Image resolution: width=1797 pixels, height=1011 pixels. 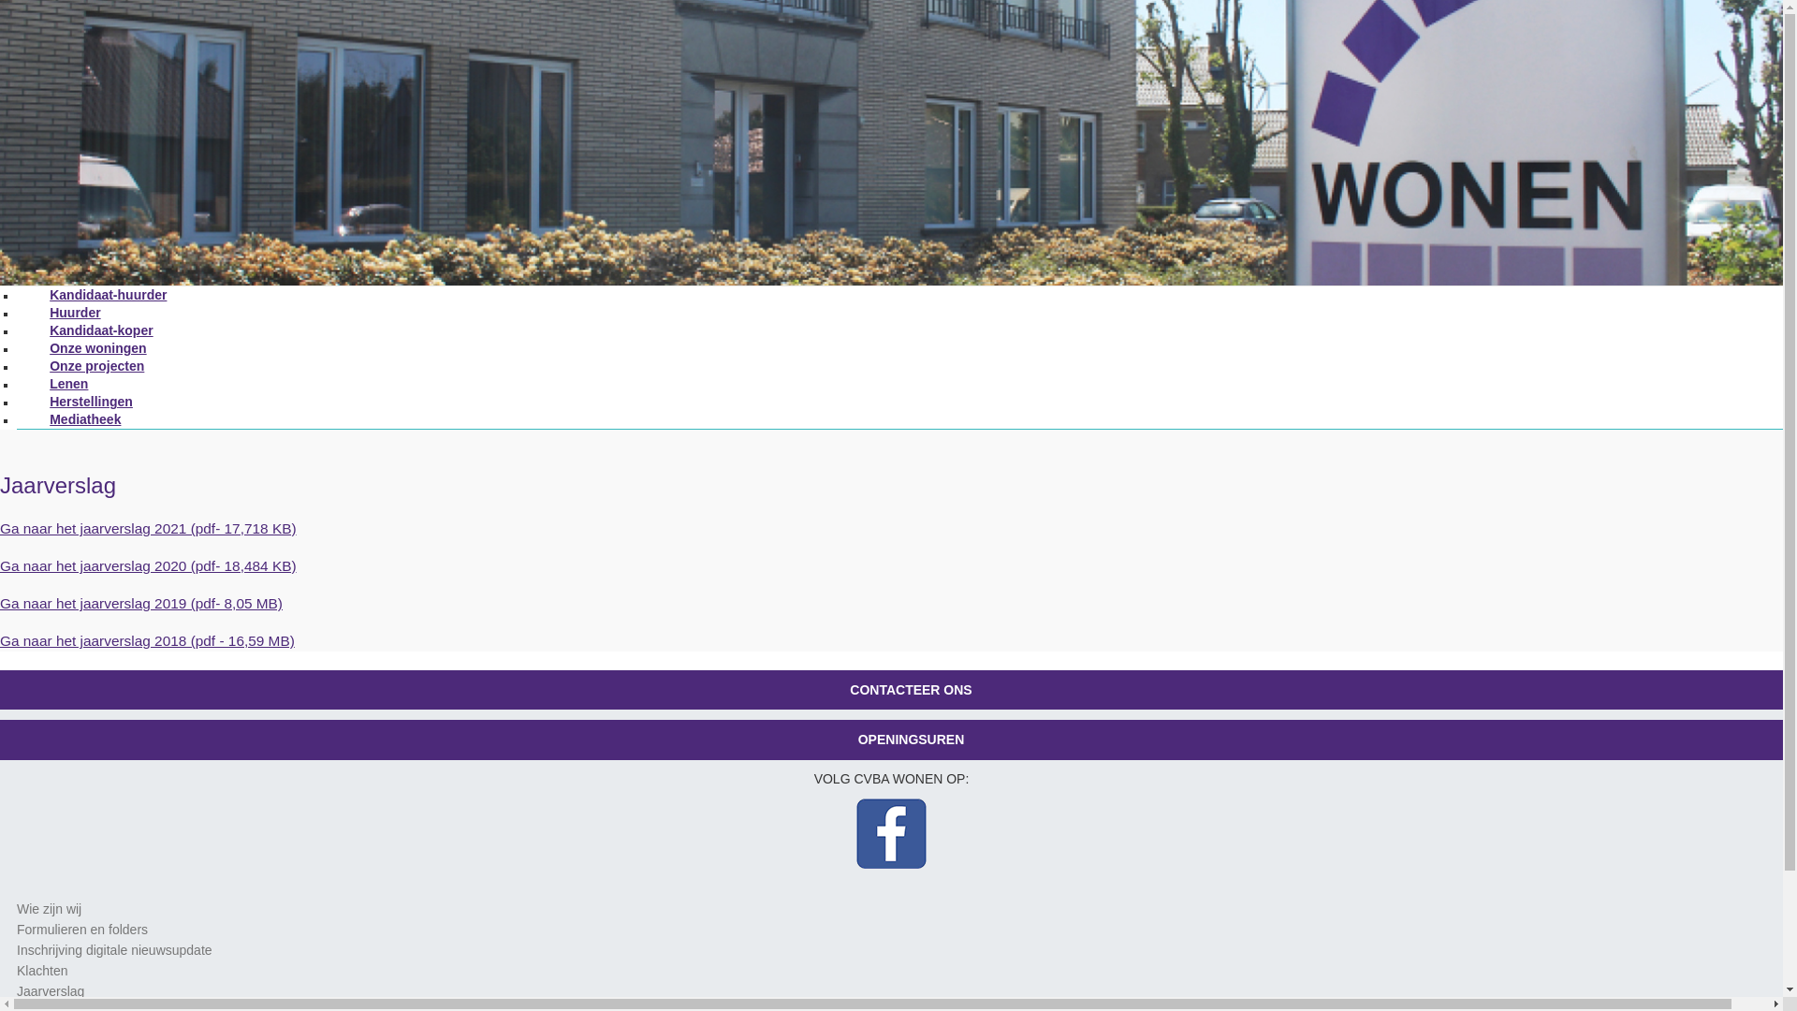 I want to click on 'Wie zijn wij', so click(x=49, y=908).